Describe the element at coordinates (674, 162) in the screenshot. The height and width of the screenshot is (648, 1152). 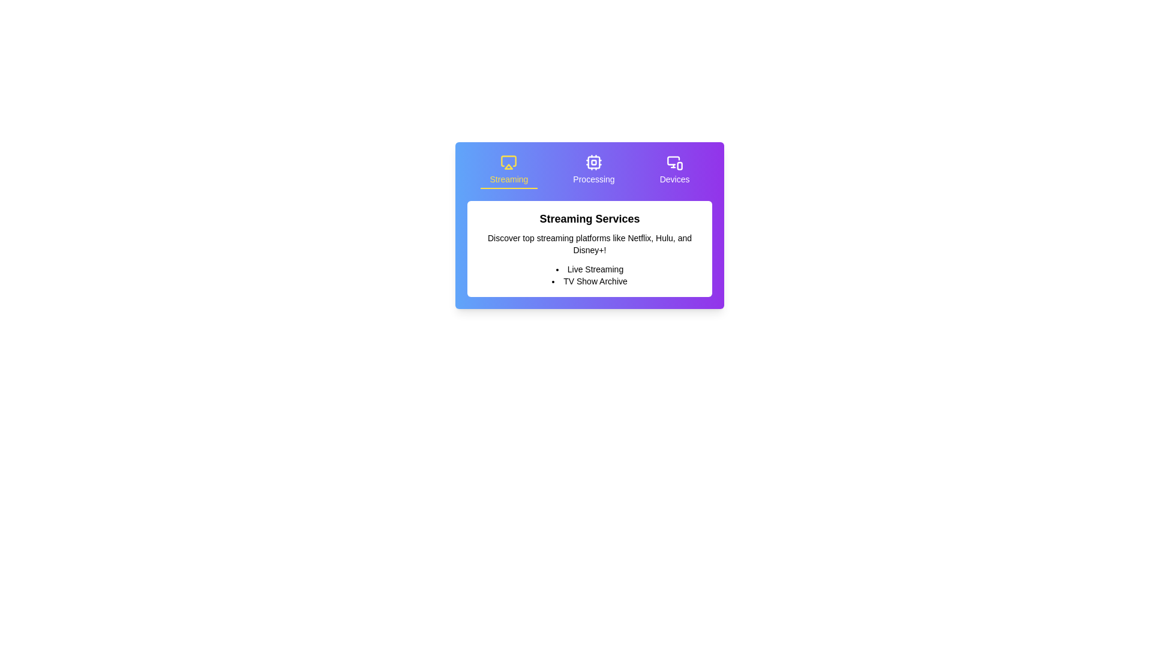
I see `the monitor and smartphone icon in the header area above the 'Devices' section` at that location.